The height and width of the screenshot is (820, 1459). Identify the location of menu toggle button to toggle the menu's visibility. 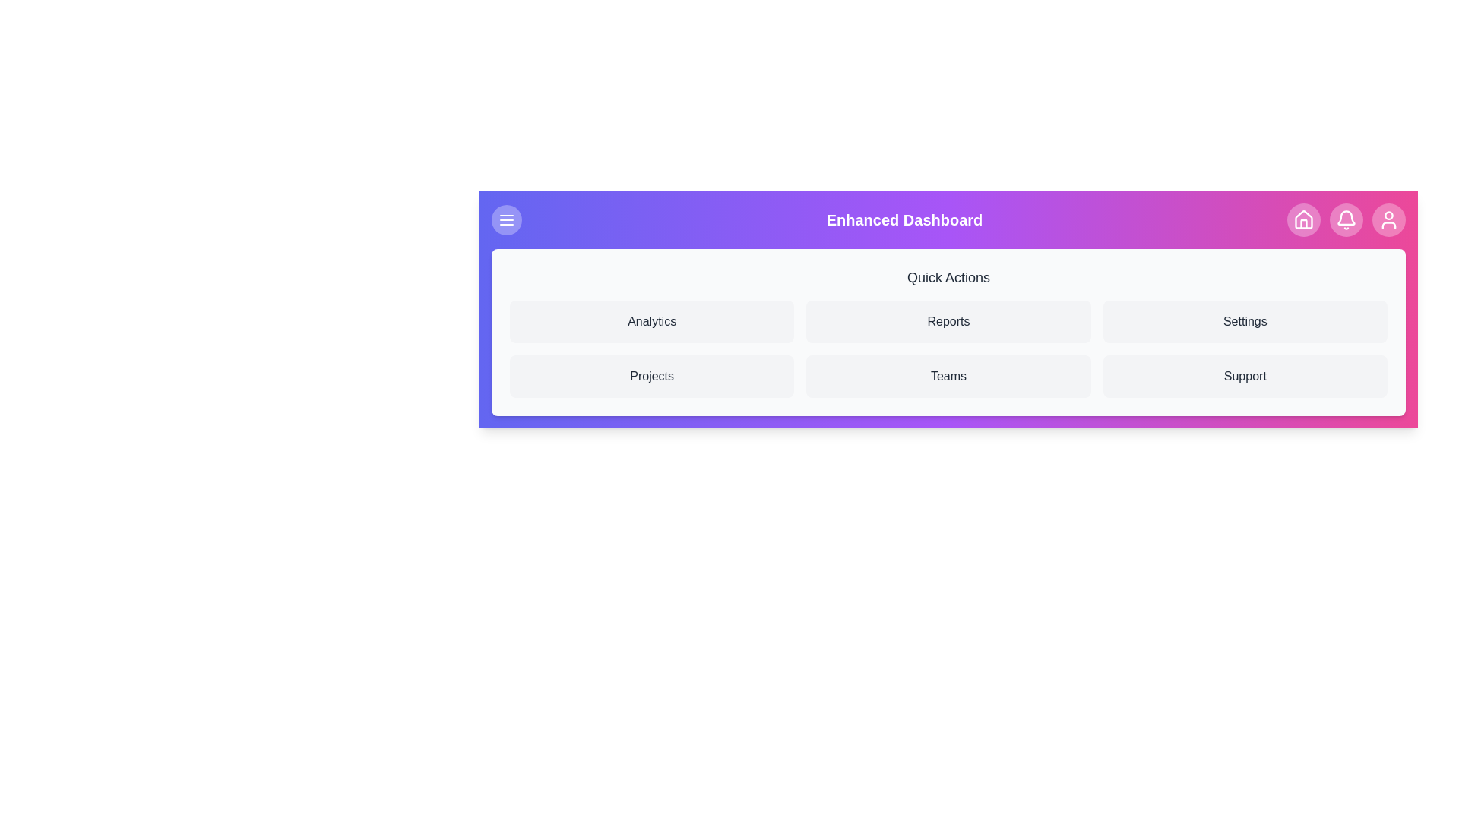
(507, 219).